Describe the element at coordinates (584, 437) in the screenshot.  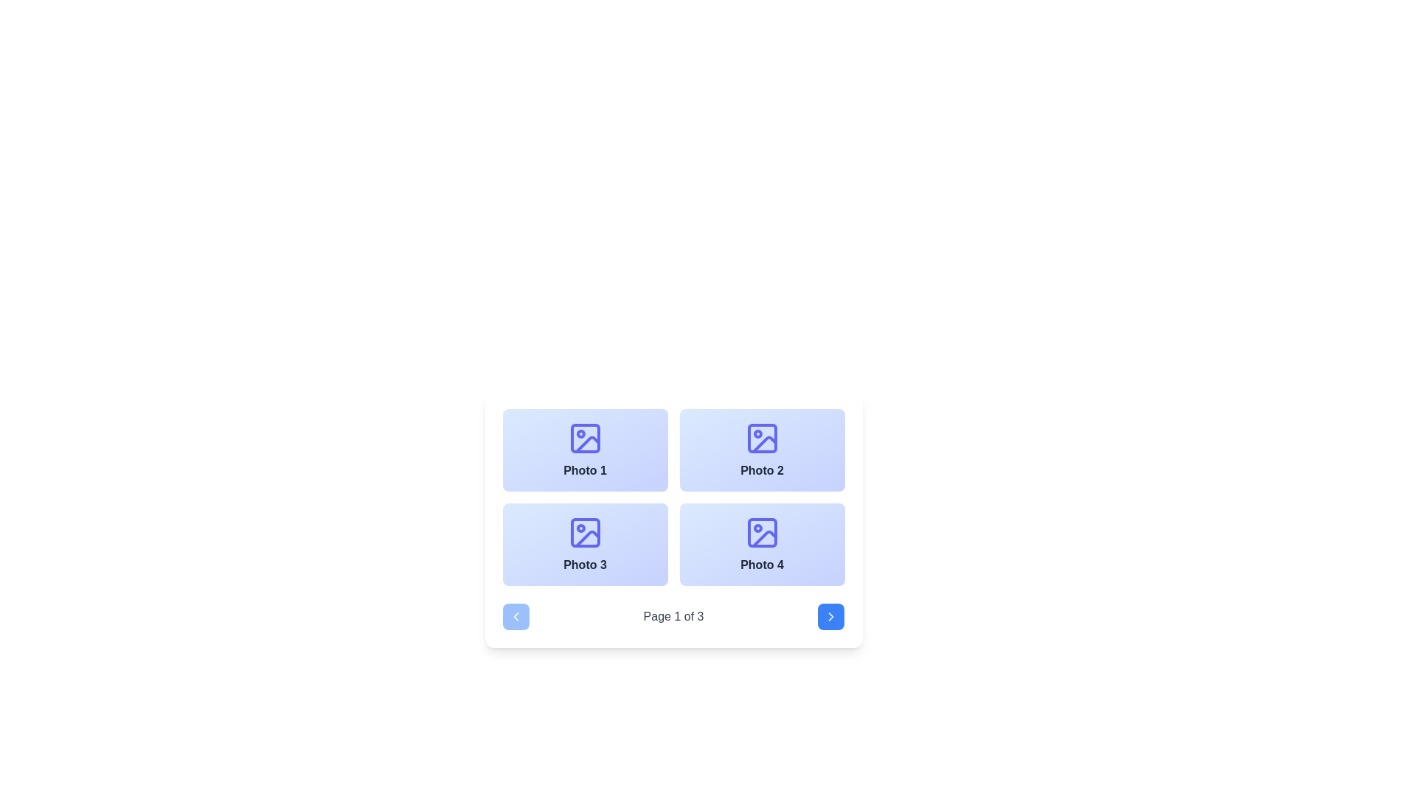
I see `the decorative shape within the 'Photo 1' SVG icon located in the top-left corner of the 2x2 grid structure near the bottom of the interface` at that location.